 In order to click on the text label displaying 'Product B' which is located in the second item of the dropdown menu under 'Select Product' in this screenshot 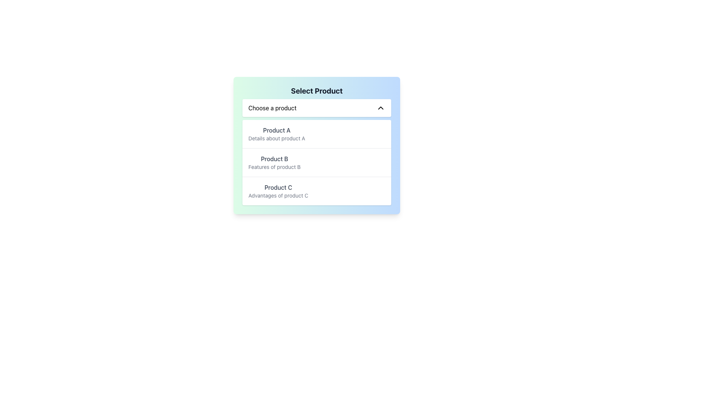, I will do `click(274, 159)`.